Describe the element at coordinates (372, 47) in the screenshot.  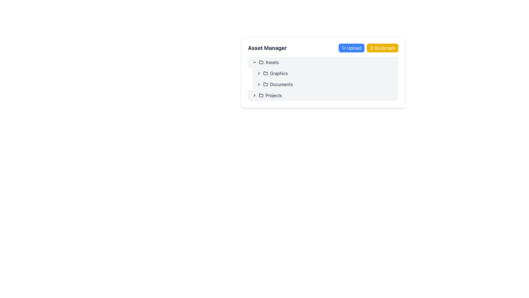
I see `the golden star-shaped icon located adjacent to the 'Bookmark' button on the top right of the Asset Manager interface` at that location.